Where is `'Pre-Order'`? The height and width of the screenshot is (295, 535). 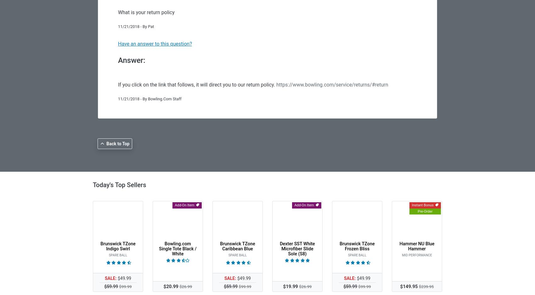 'Pre-Order' is located at coordinates (425, 211).